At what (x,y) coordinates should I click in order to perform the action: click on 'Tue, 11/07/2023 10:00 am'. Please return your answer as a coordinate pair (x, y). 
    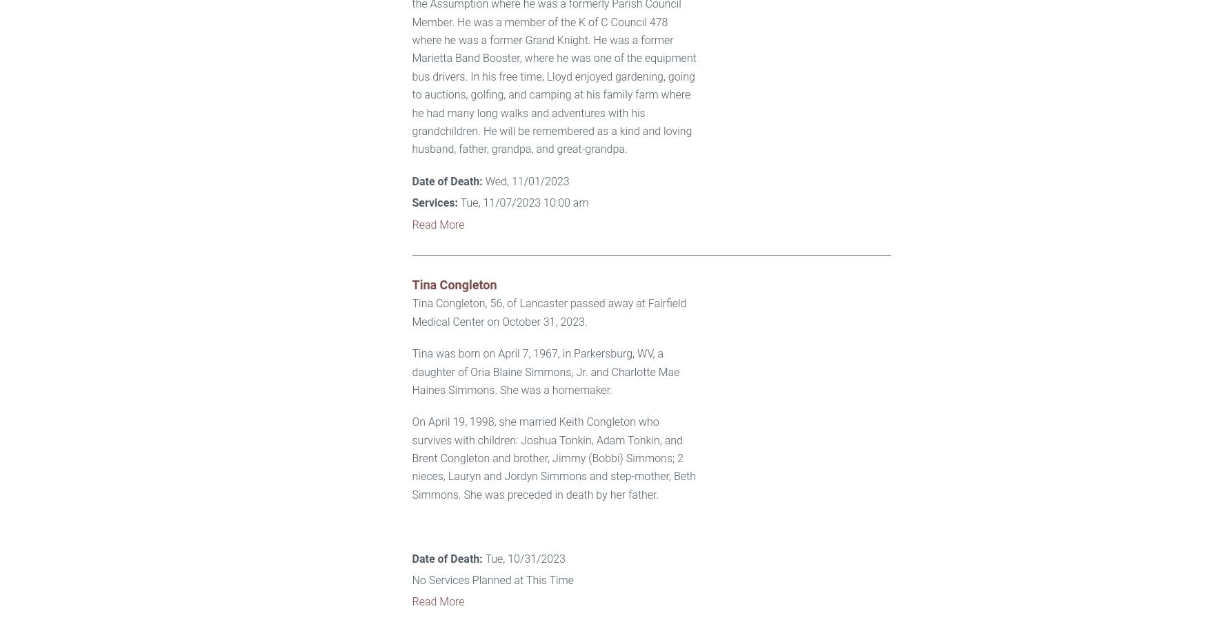
    Looking at the image, I should click on (522, 202).